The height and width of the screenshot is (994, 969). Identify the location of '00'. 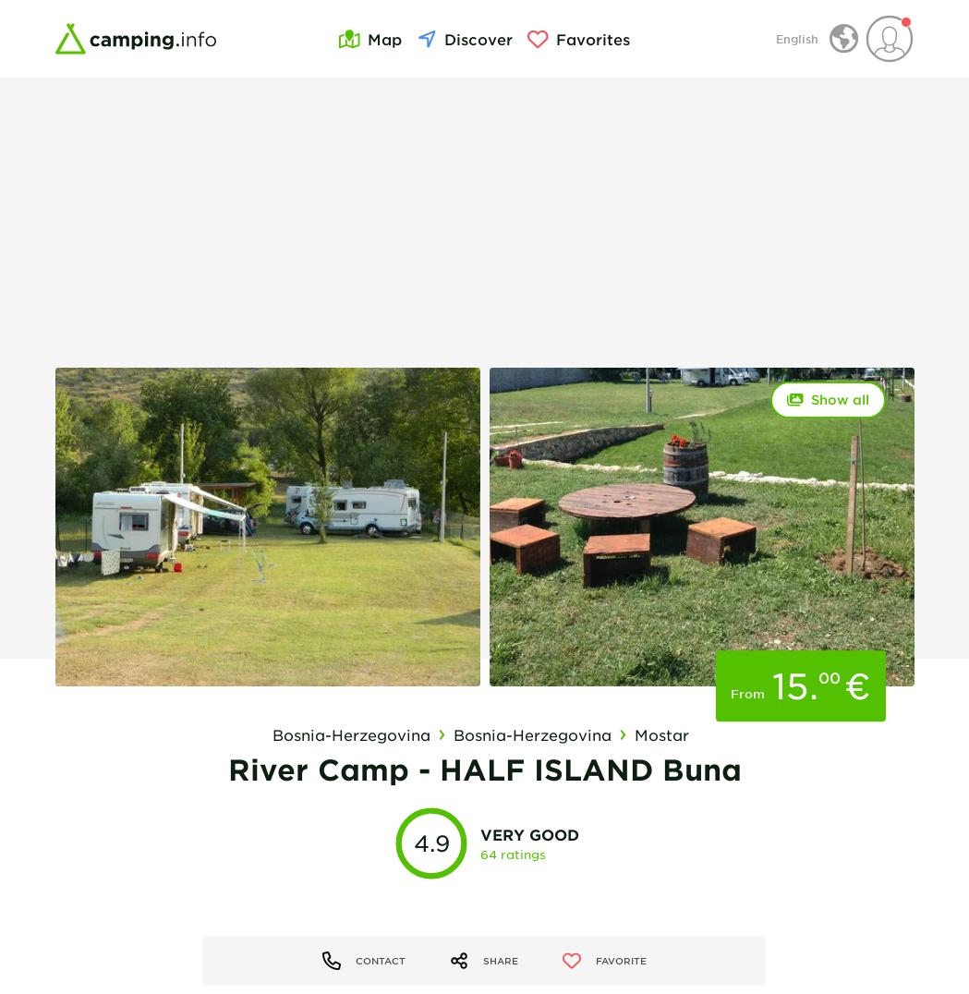
(827, 675).